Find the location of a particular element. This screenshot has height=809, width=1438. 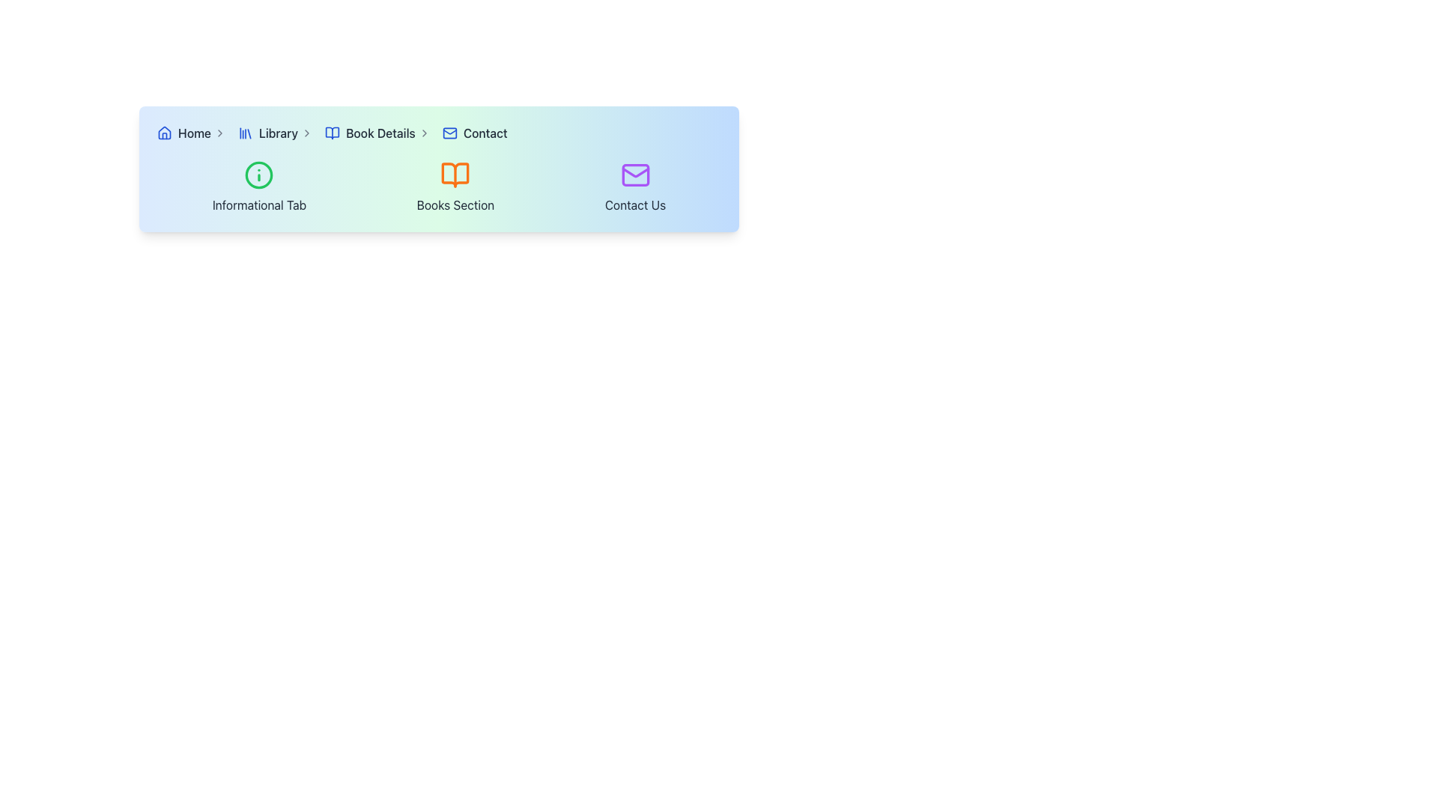

the 'Home' icon in the breadcrumb navigation is located at coordinates (165, 132).